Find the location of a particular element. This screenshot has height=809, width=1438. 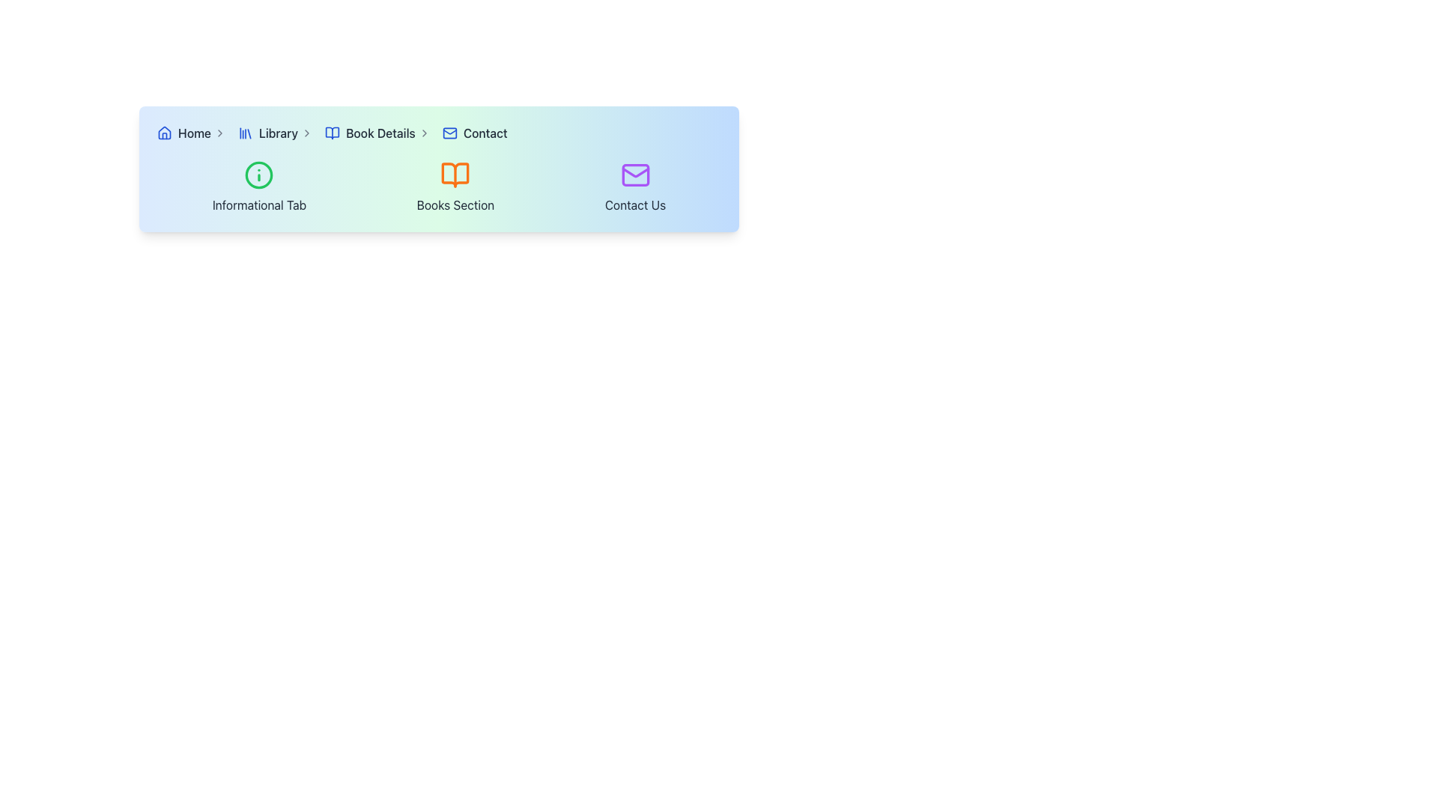

the 'Home' icon in the breadcrumb navigation is located at coordinates (165, 132).